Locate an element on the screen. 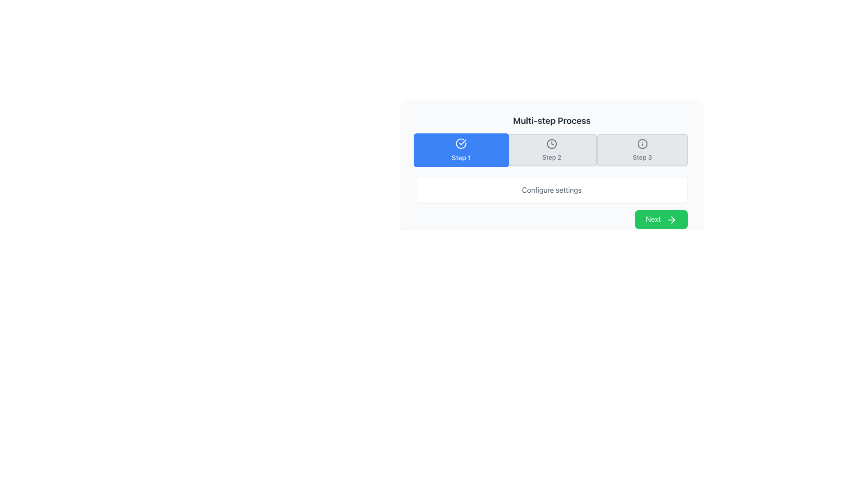 This screenshot has height=483, width=858. the rectangular button with rounded edges containing a clock icon and the text 'Step 2', which is centrally located among three buttons in a horizontal sequence is located at coordinates (551, 149).